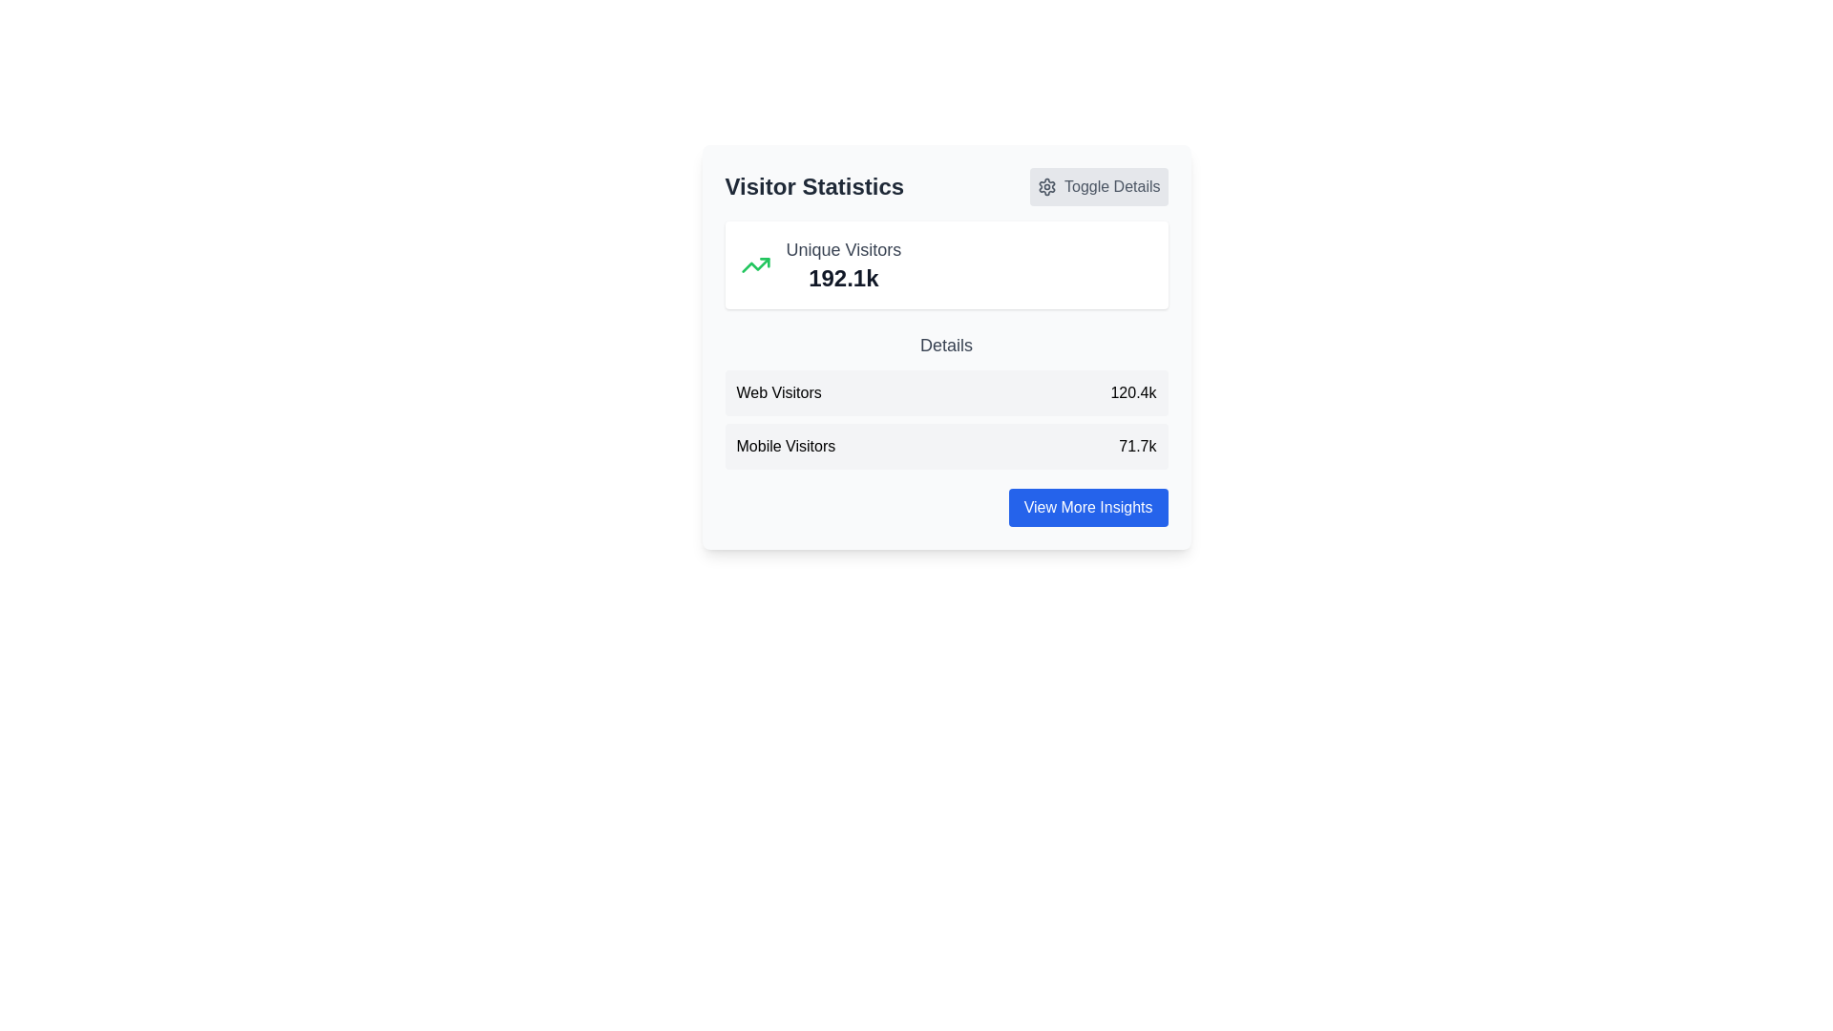 This screenshot has height=1031, width=1833. What do you see at coordinates (1112, 187) in the screenshot?
I see `the 'Toggle Details' label` at bounding box center [1112, 187].